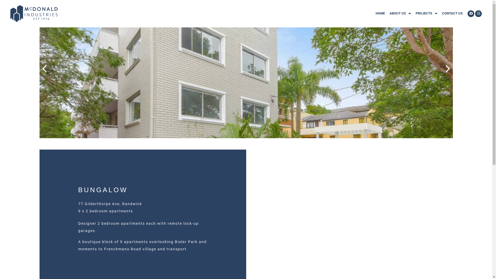 This screenshot has width=496, height=279. I want to click on 'ABOUT US', so click(400, 13).